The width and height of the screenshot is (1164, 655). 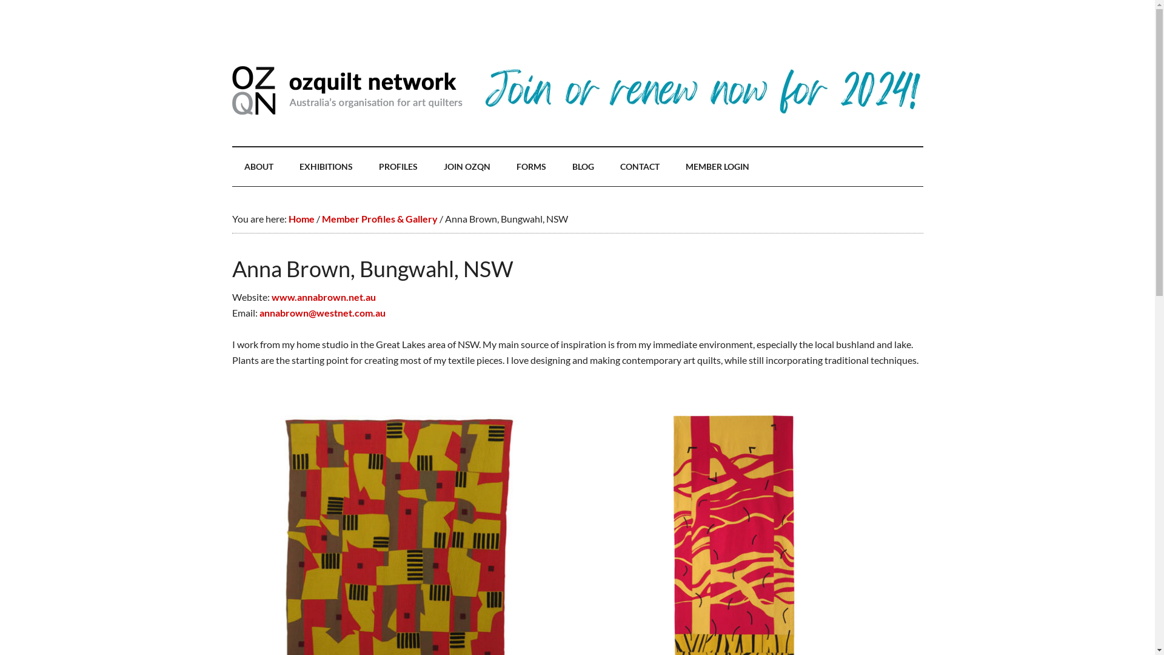 What do you see at coordinates (638, 166) in the screenshot?
I see `'CONTACT'` at bounding box center [638, 166].